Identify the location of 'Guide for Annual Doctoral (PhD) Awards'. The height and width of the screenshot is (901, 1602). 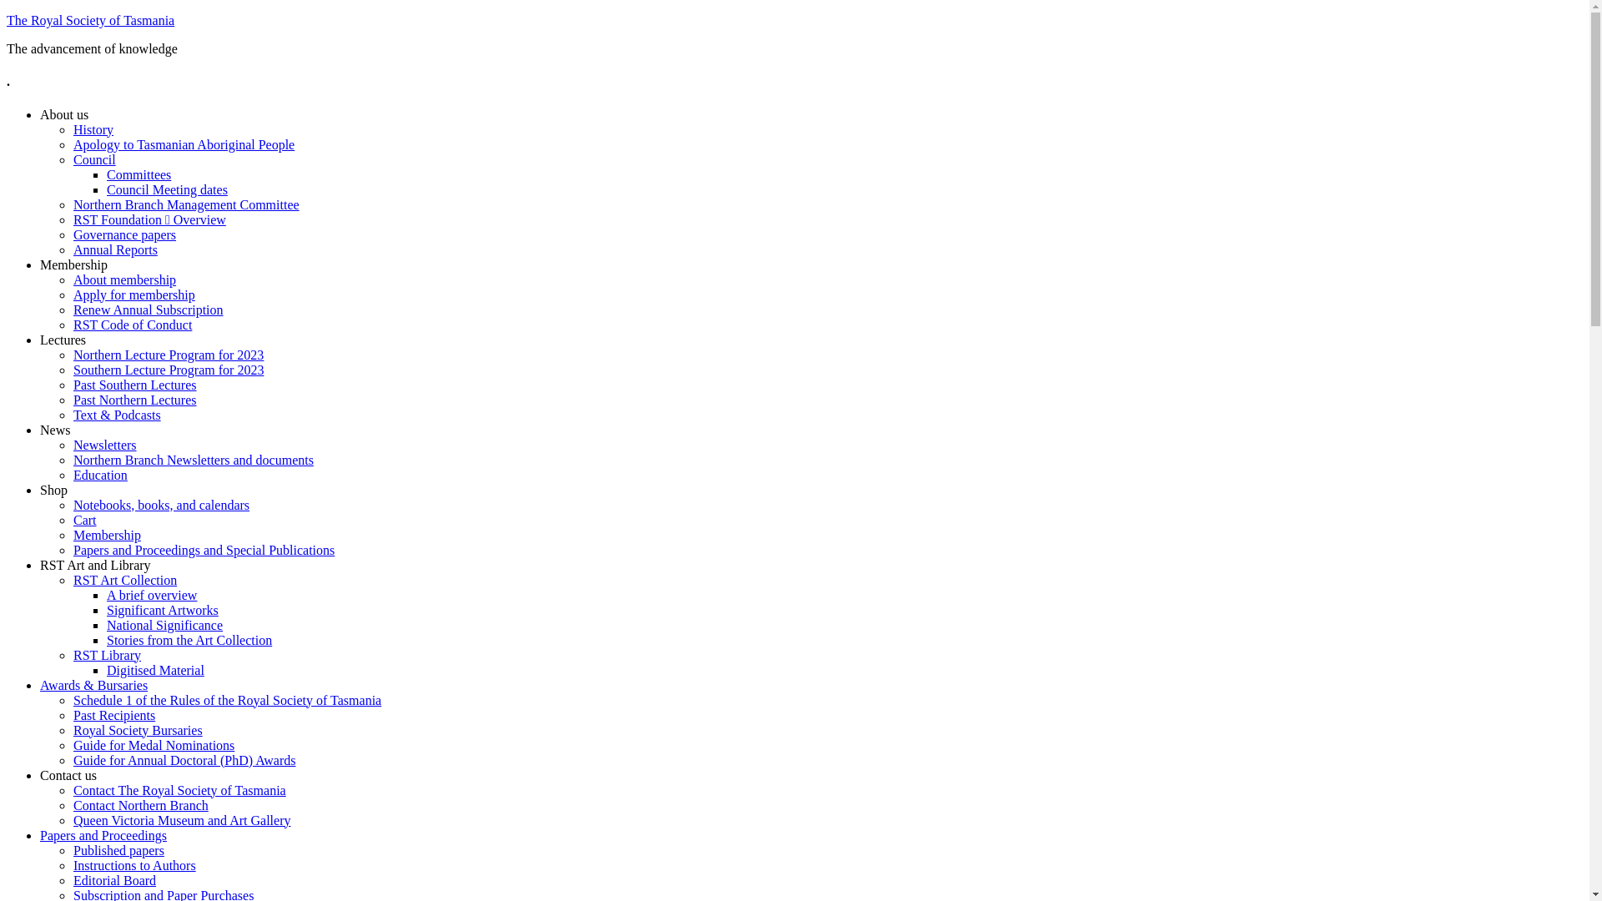
(184, 760).